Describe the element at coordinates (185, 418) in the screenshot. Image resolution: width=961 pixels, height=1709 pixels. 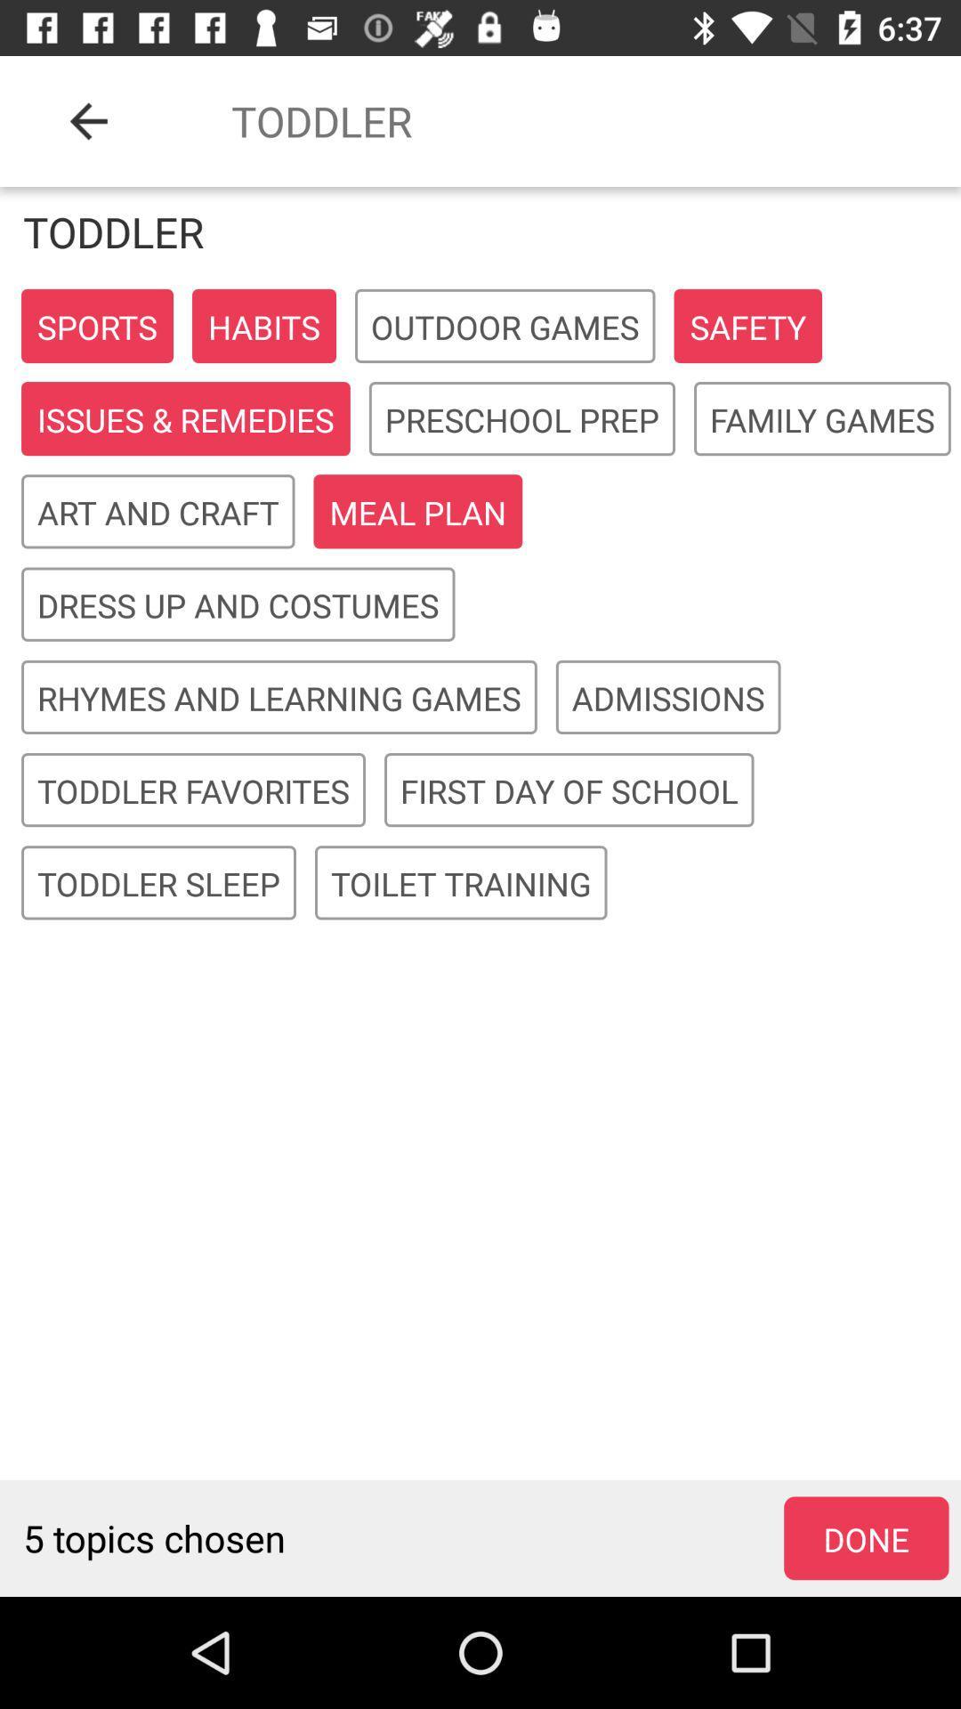
I see `item above art and craft` at that location.